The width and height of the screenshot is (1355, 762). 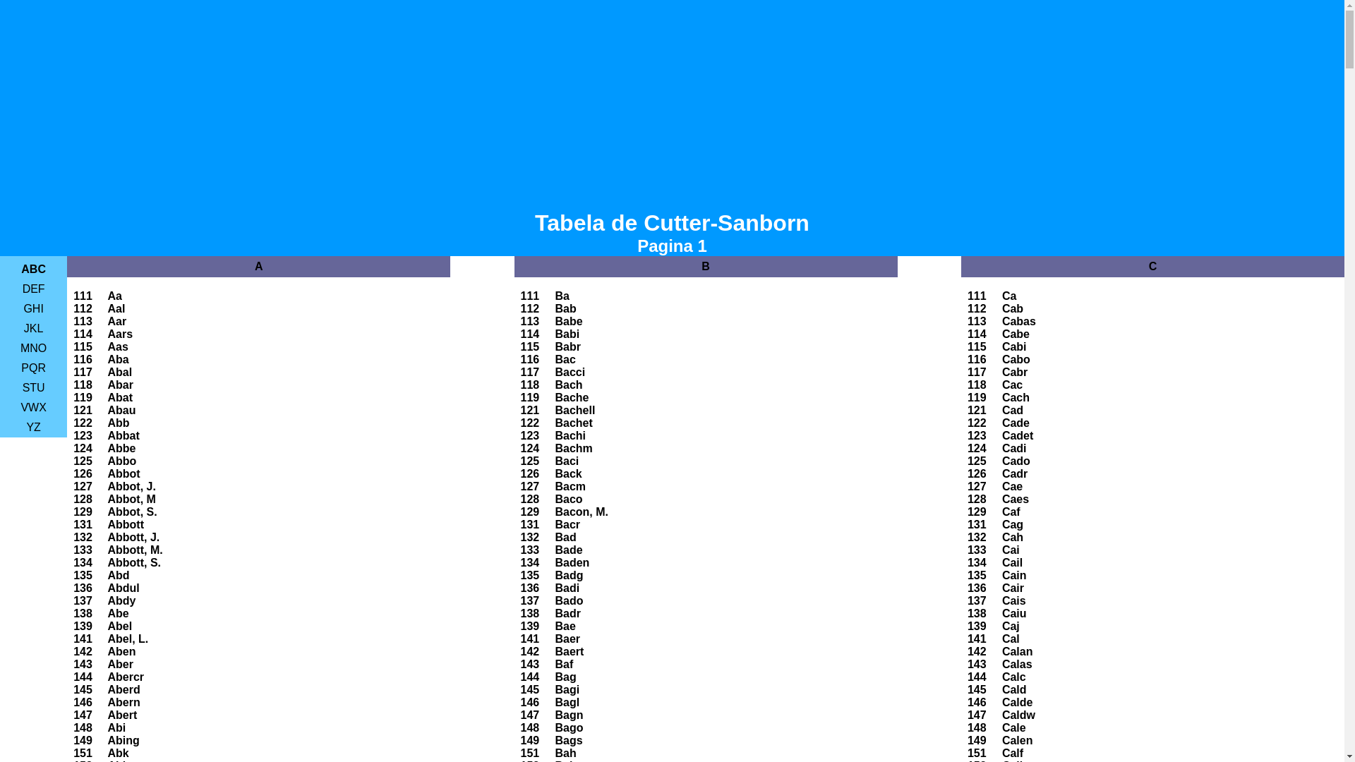 I want to click on 'YZ', so click(x=33, y=426).